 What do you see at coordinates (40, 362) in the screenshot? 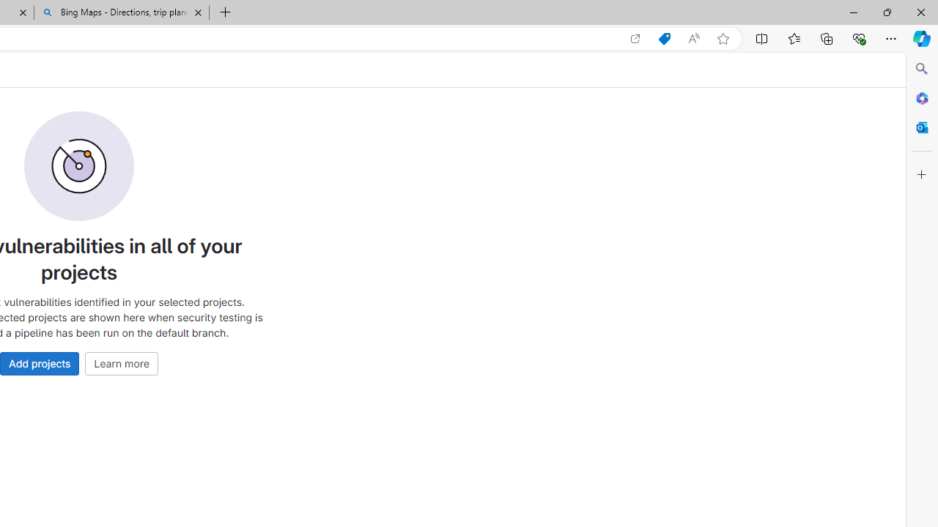
I see `'Add projects'` at bounding box center [40, 362].